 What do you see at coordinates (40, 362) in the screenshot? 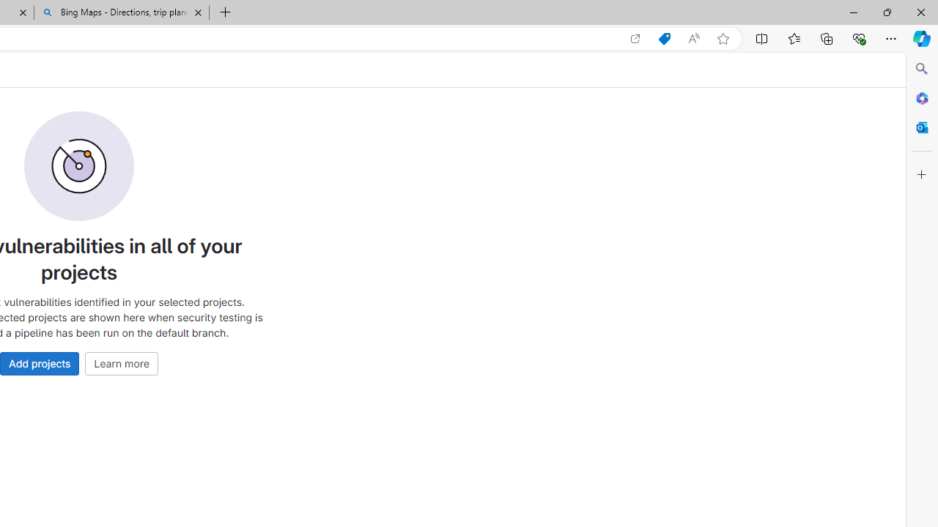
I see `'Add projects'` at bounding box center [40, 362].